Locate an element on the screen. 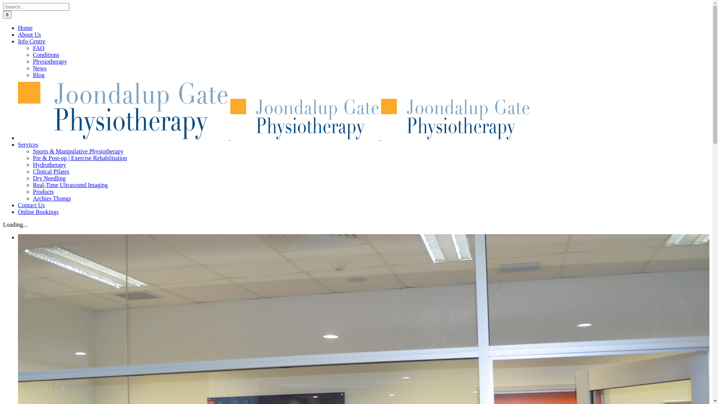  'Pre & Post-op | Exercise Rehabilitation' is located at coordinates (80, 157).